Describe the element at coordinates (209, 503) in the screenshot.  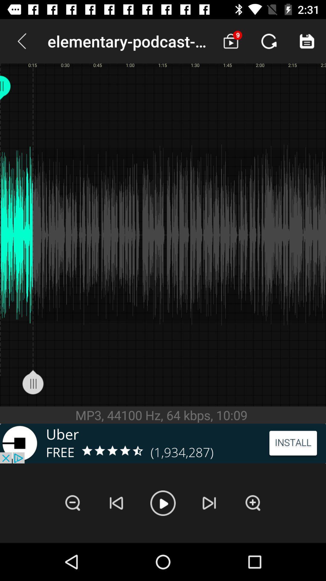
I see `the skip_next icon` at that location.